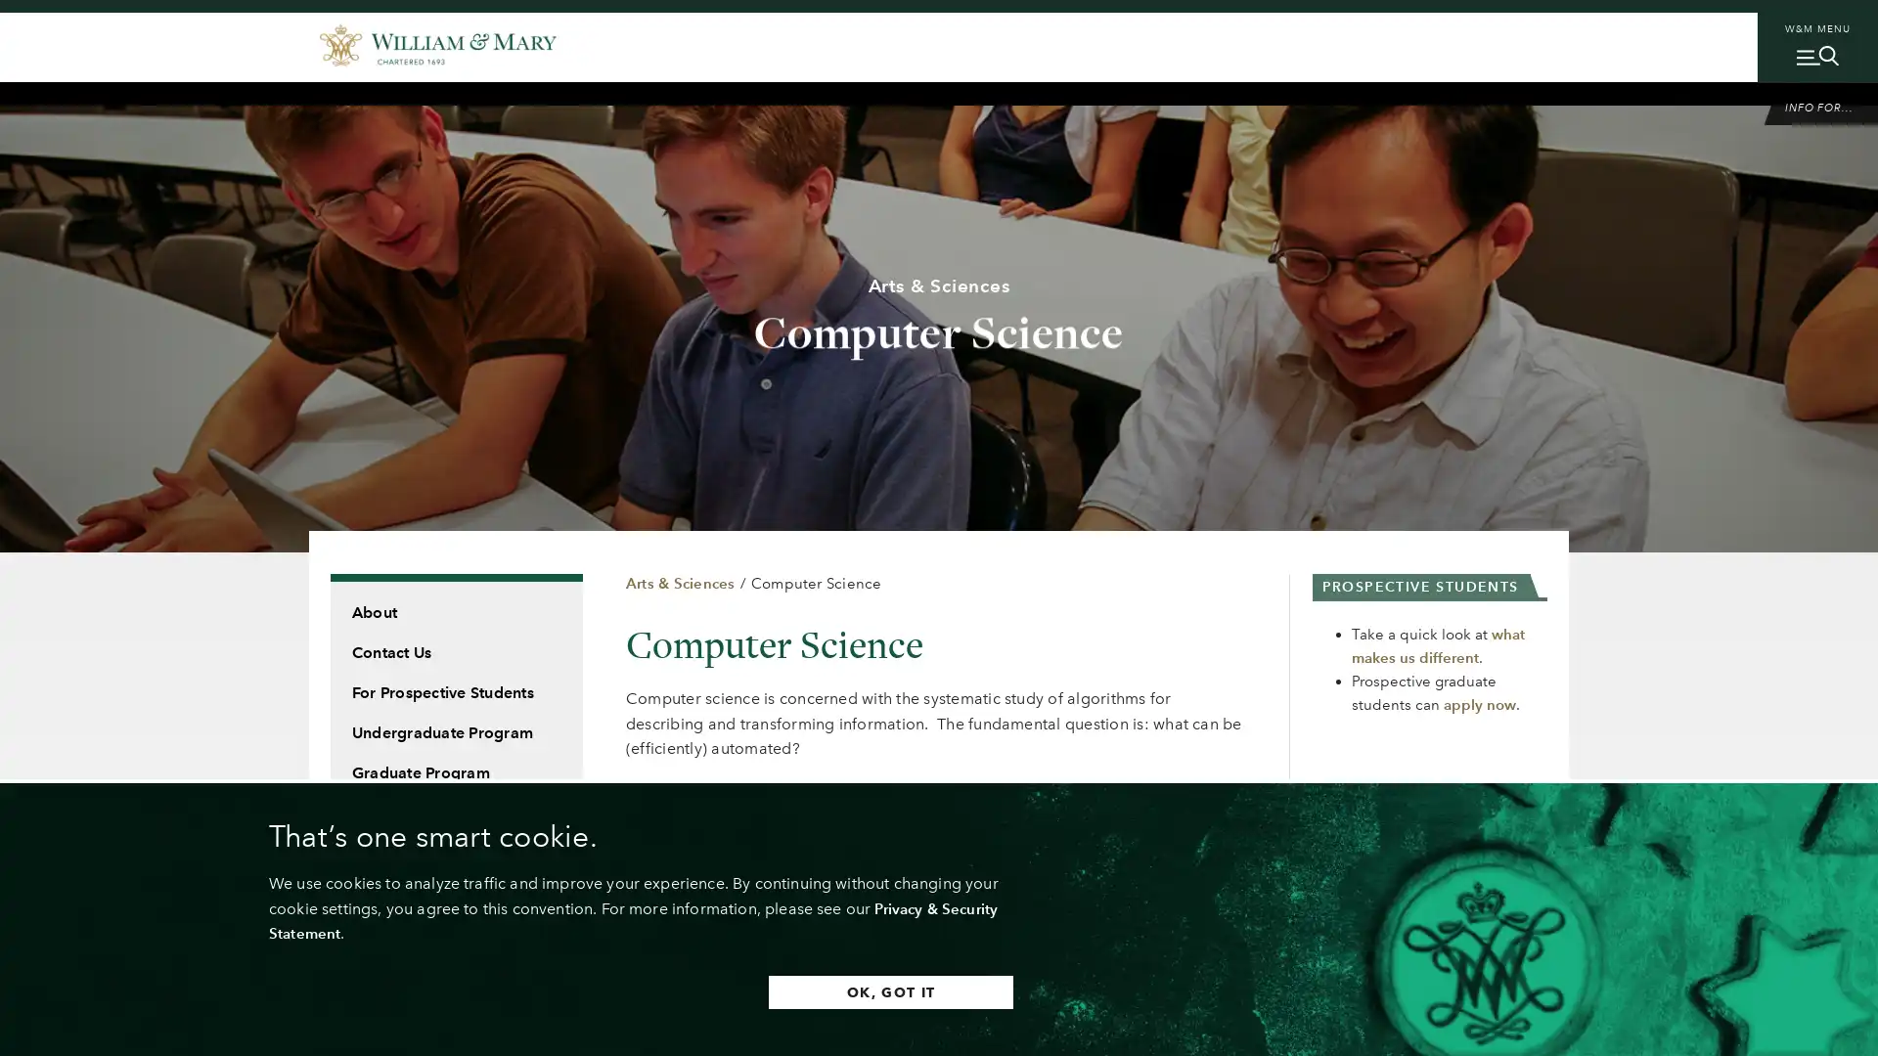 The height and width of the screenshot is (1056, 1878). Describe the element at coordinates (870, 991) in the screenshot. I see `OK, GOT IT` at that location.